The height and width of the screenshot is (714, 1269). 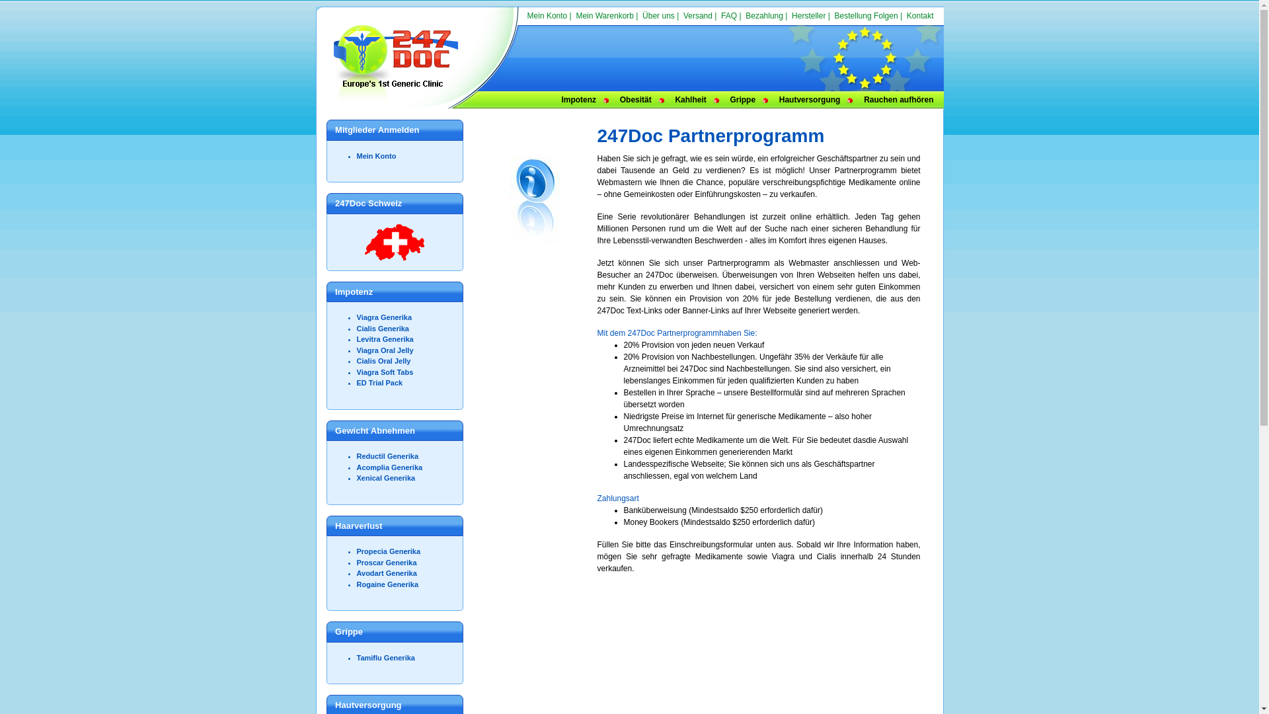 I want to click on 'Versand', so click(x=697, y=15).